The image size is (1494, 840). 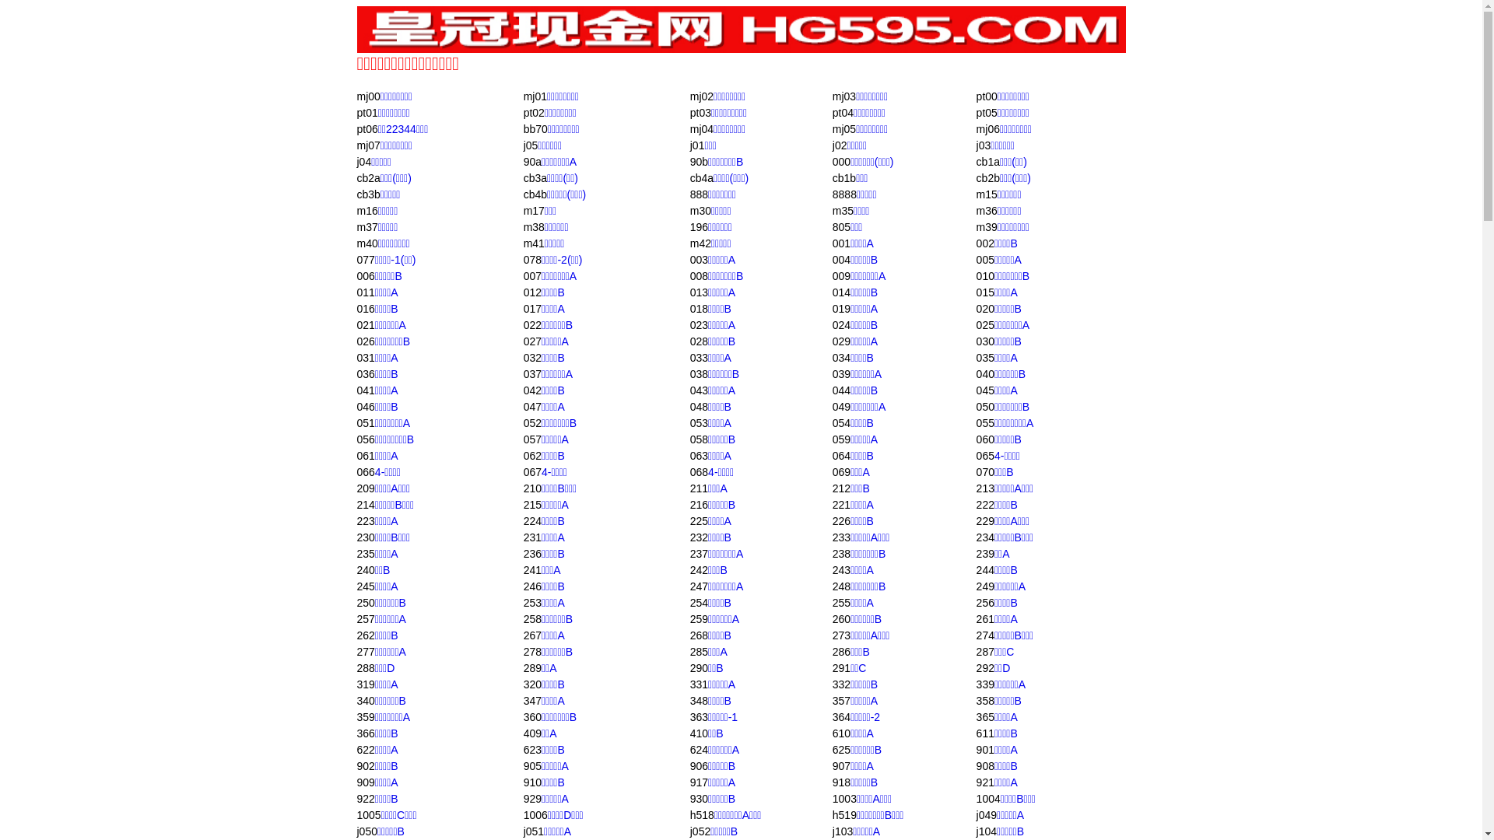 I want to click on 'pt01', so click(x=366, y=112).